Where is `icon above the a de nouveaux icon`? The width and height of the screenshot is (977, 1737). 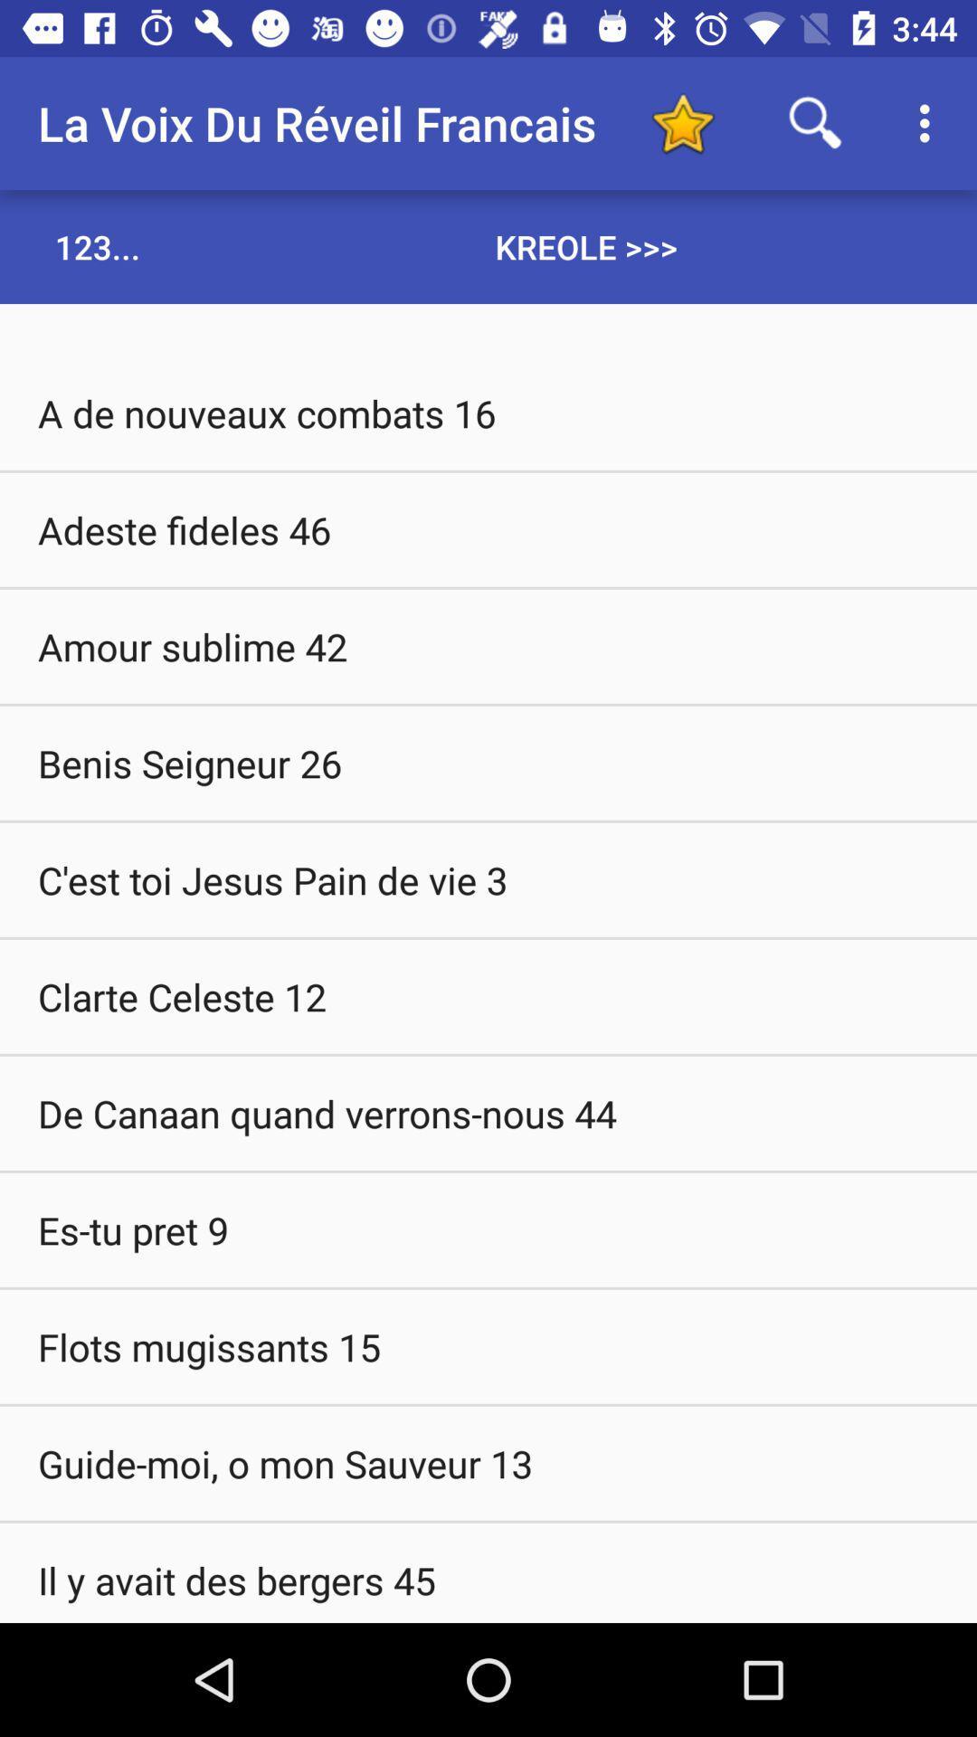
icon above the a de nouveaux icon is located at coordinates (98, 246).